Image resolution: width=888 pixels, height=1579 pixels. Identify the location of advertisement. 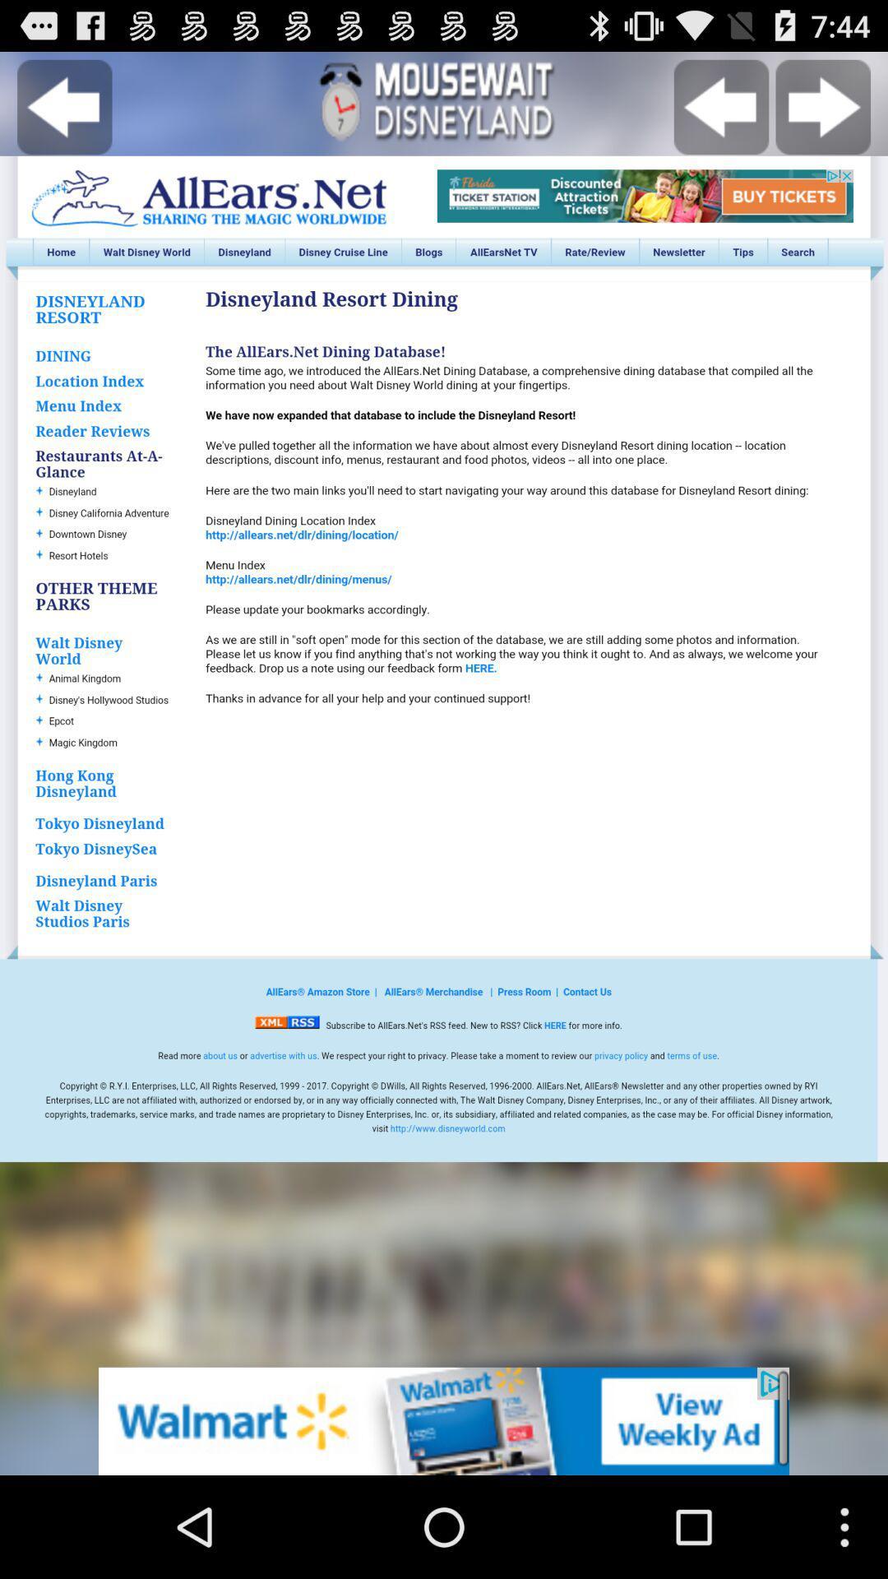
(444, 1420).